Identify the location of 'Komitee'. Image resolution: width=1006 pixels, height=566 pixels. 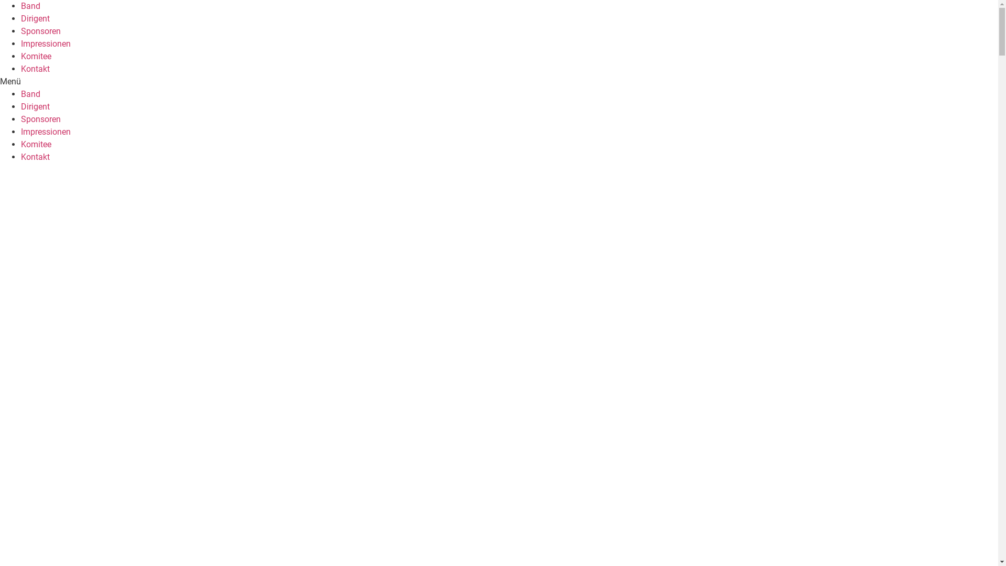
(36, 144).